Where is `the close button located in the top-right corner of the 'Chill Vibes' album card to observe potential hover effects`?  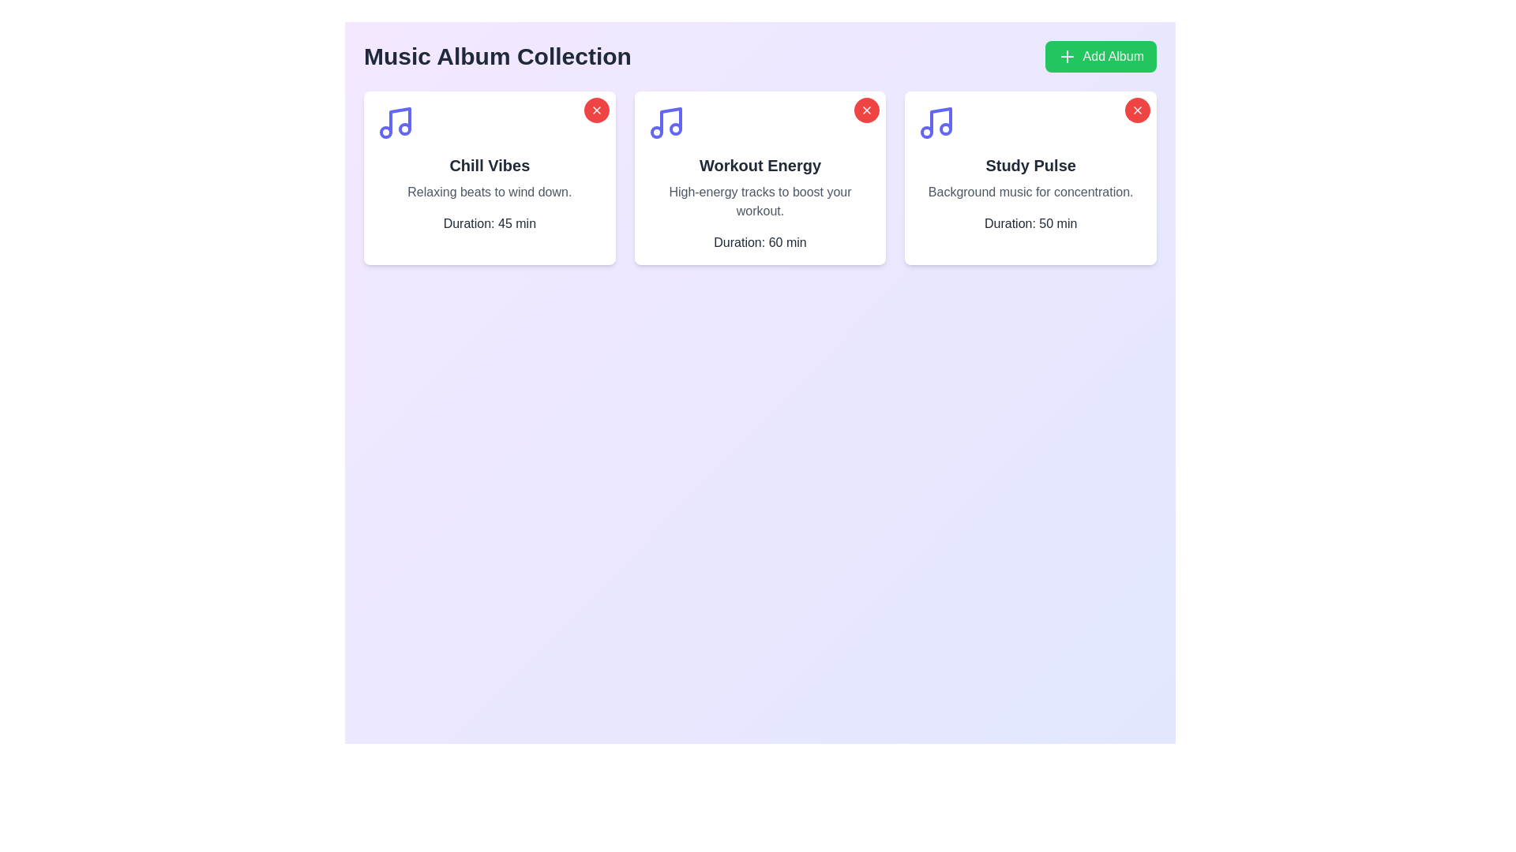 the close button located in the top-right corner of the 'Chill Vibes' album card to observe potential hover effects is located at coordinates (595, 109).